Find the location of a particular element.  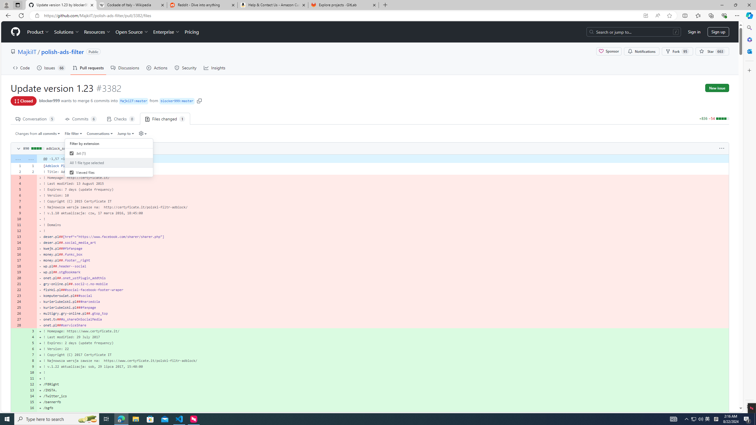

'Conversations' is located at coordinates (100, 133).